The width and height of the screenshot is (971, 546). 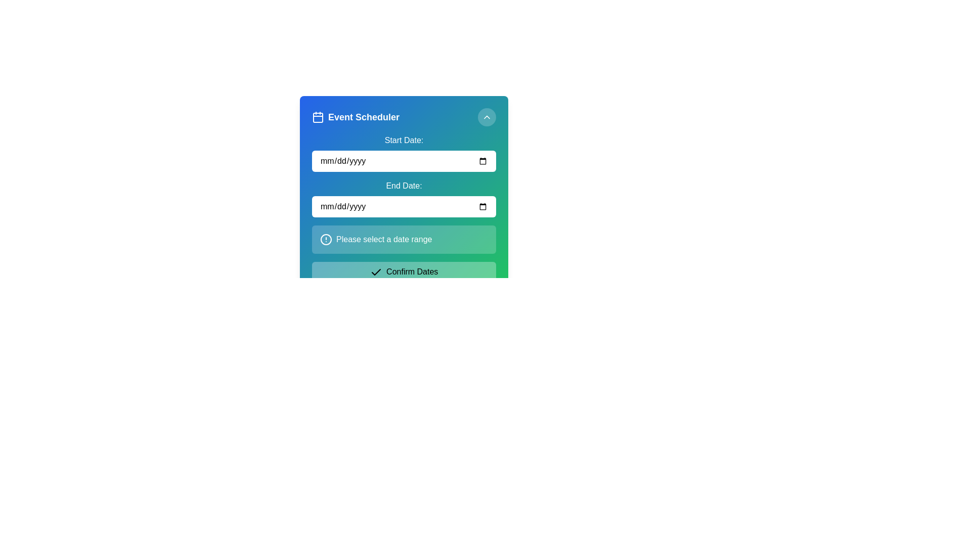 What do you see at coordinates (326, 240) in the screenshot?
I see `the icon located to the left of the text 'Please select a date range' within a notification component, which serves as a visual indicator of importance` at bounding box center [326, 240].